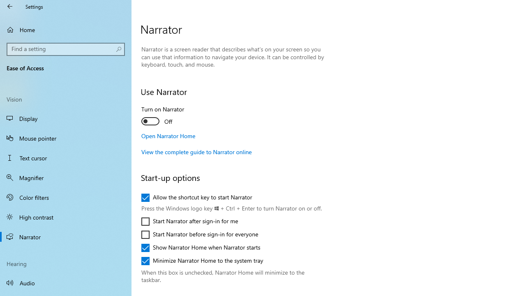 This screenshot has width=526, height=296. What do you see at coordinates (66, 237) in the screenshot?
I see `'Narrator'` at bounding box center [66, 237].